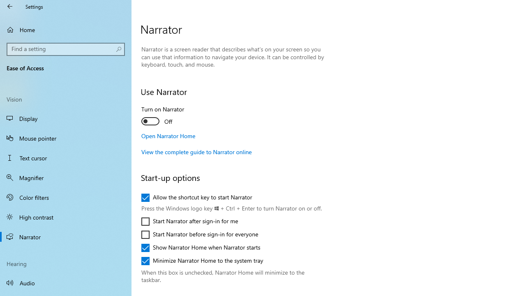 This screenshot has width=526, height=296. What do you see at coordinates (66, 237) in the screenshot?
I see `'Narrator'` at bounding box center [66, 237].